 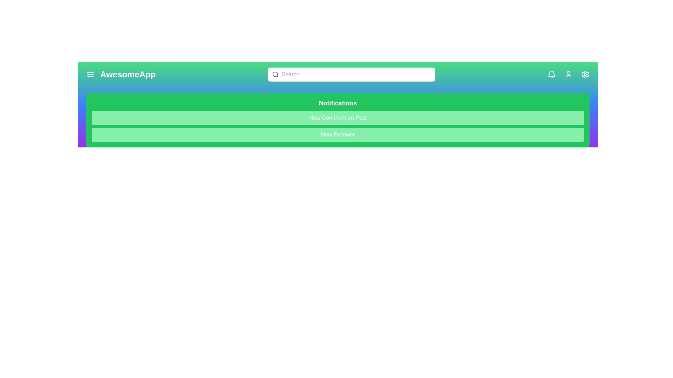 What do you see at coordinates (551, 74) in the screenshot?
I see `the bell-shaped icon button in the top-right corner of the interface` at bounding box center [551, 74].